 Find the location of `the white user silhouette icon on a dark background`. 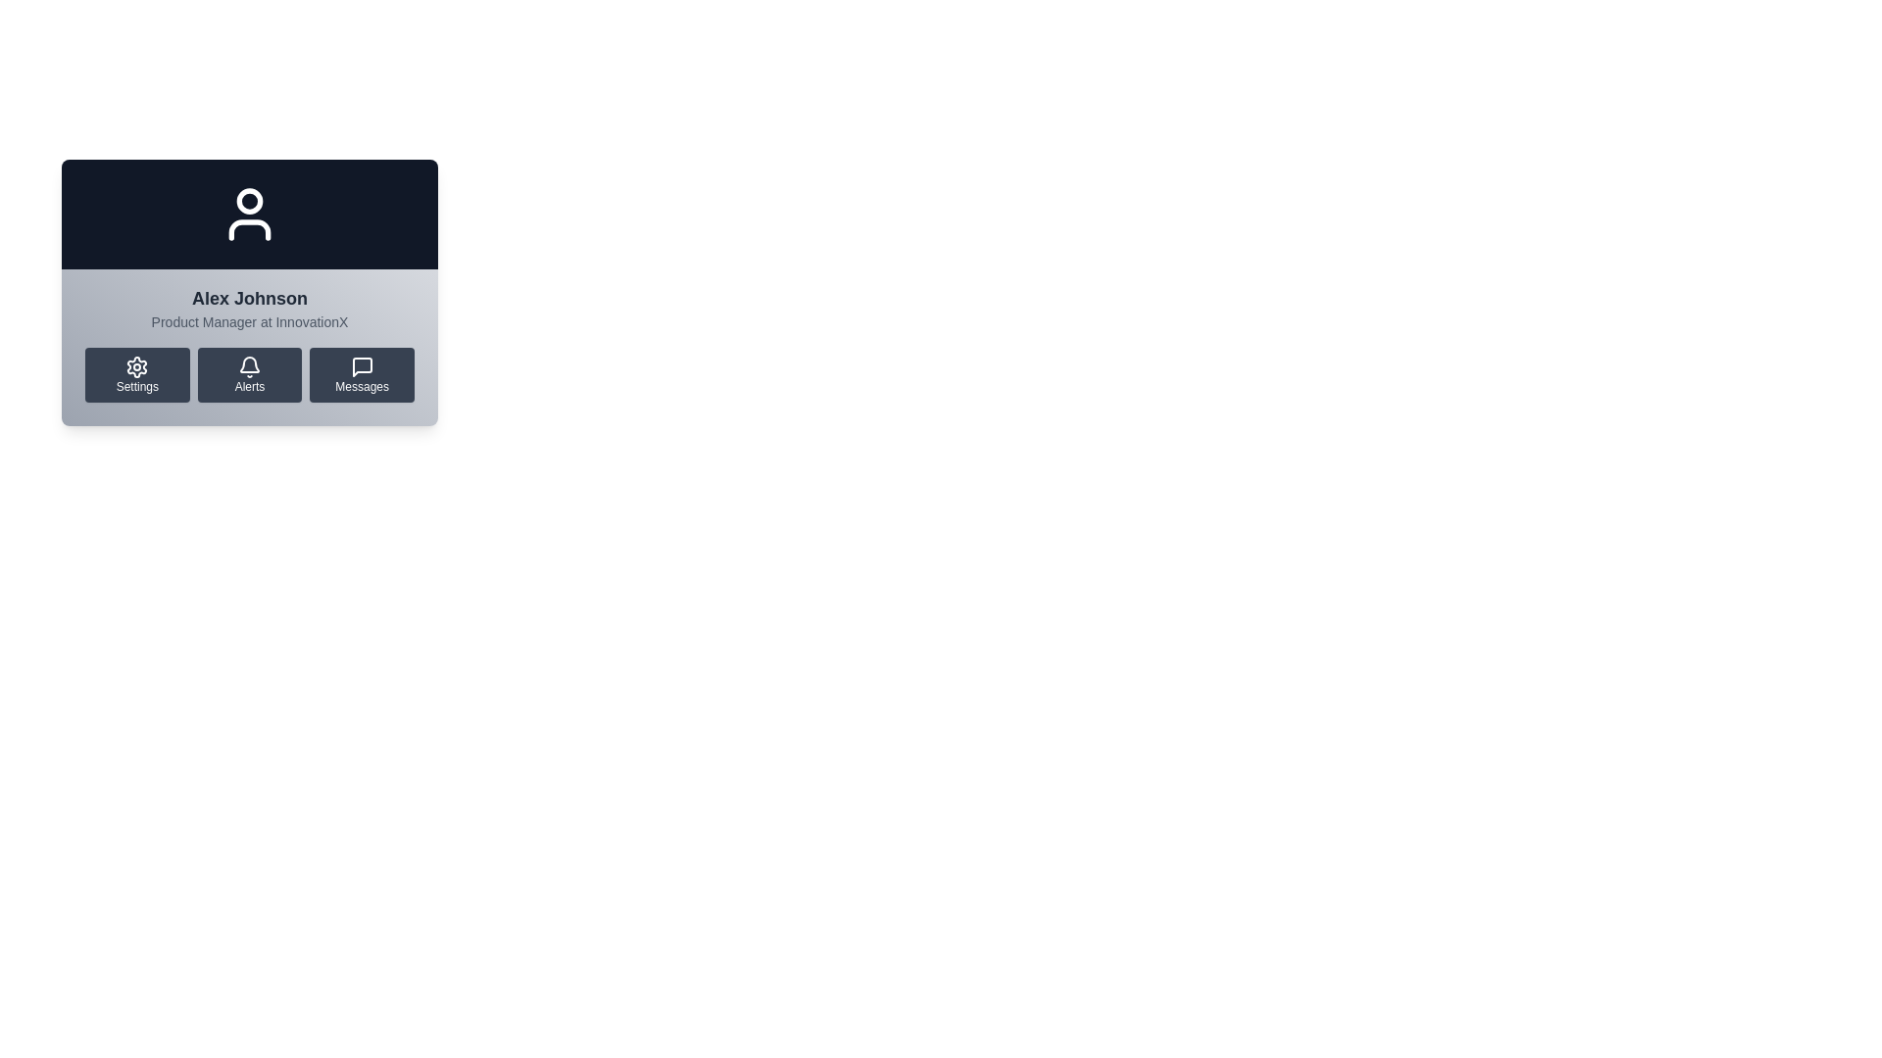

the white user silhouette icon on a dark background is located at coordinates (248, 215).